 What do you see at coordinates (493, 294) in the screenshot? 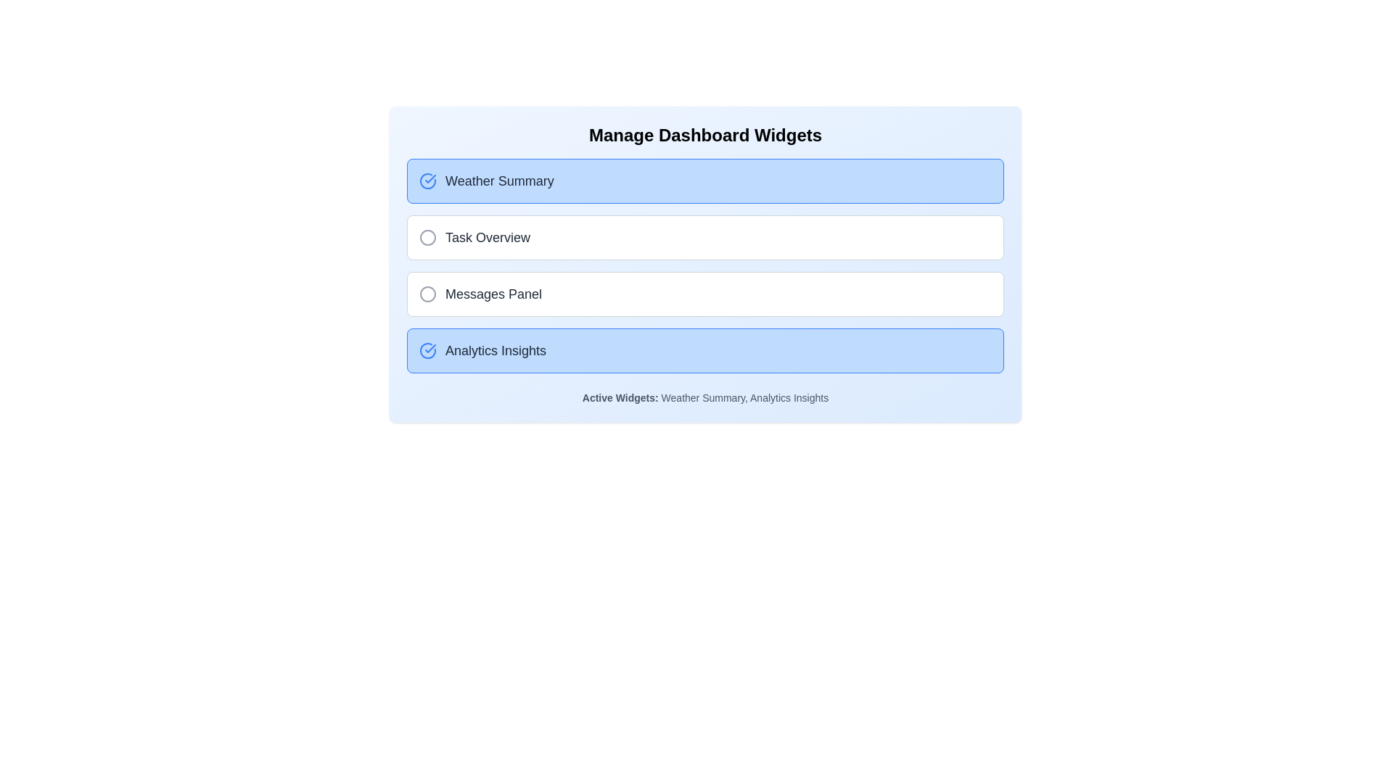
I see `the 'Messages Panel' text label` at bounding box center [493, 294].